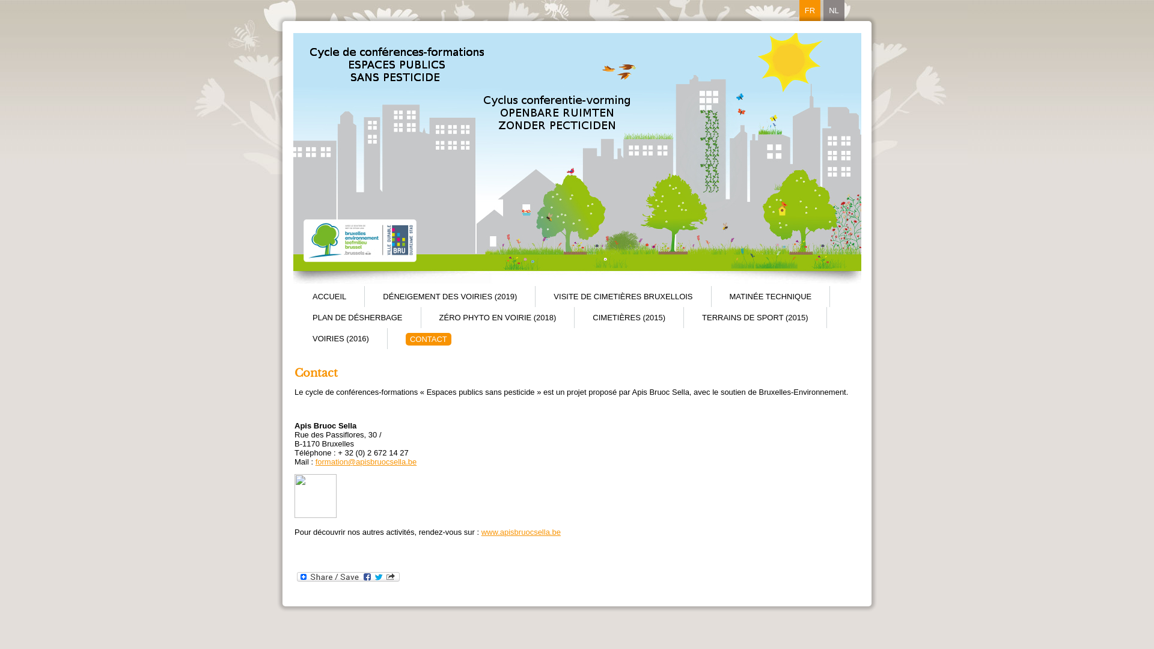  Describe the element at coordinates (481, 531) in the screenshot. I see `'www.apisbruocsella.be'` at that location.